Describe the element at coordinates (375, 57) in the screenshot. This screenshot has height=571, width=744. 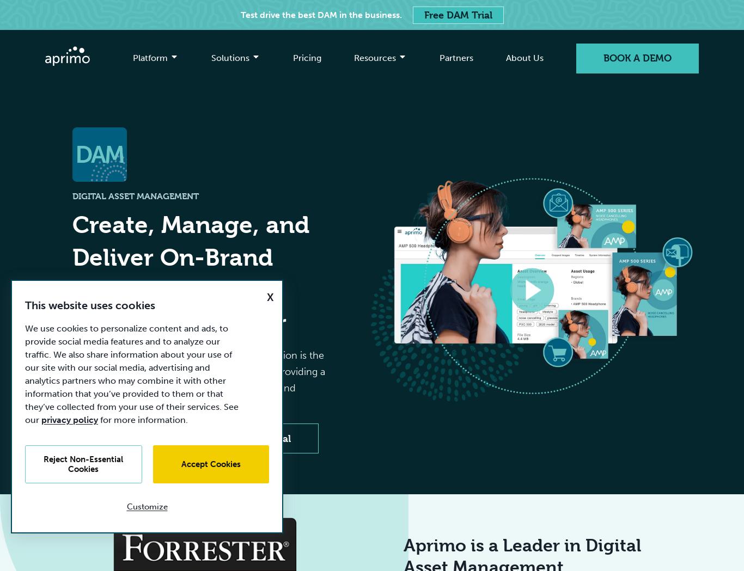
I see `'Resources'` at that location.